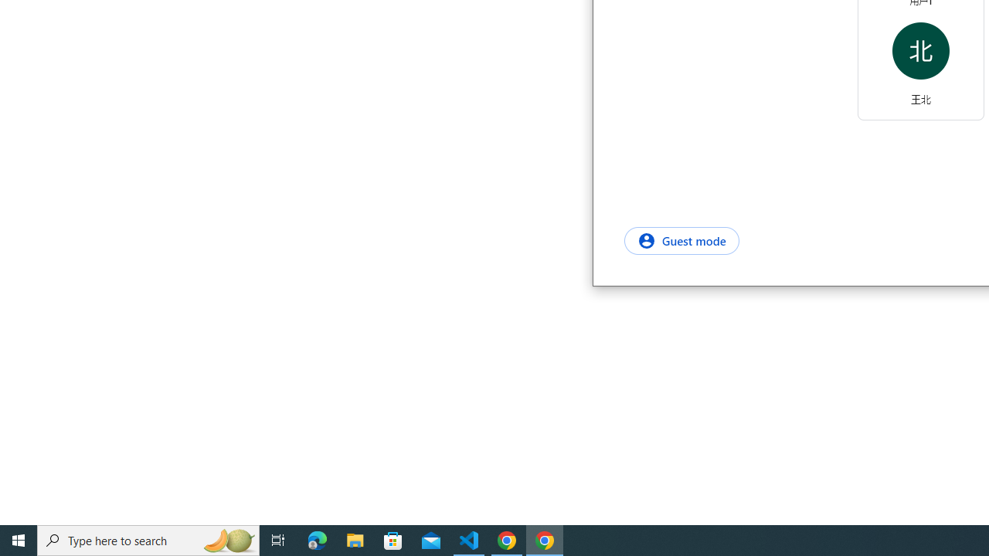 The width and height of the screenshot is (989, 556). I want to click on 'Microsoft Store', so click(393, 539).